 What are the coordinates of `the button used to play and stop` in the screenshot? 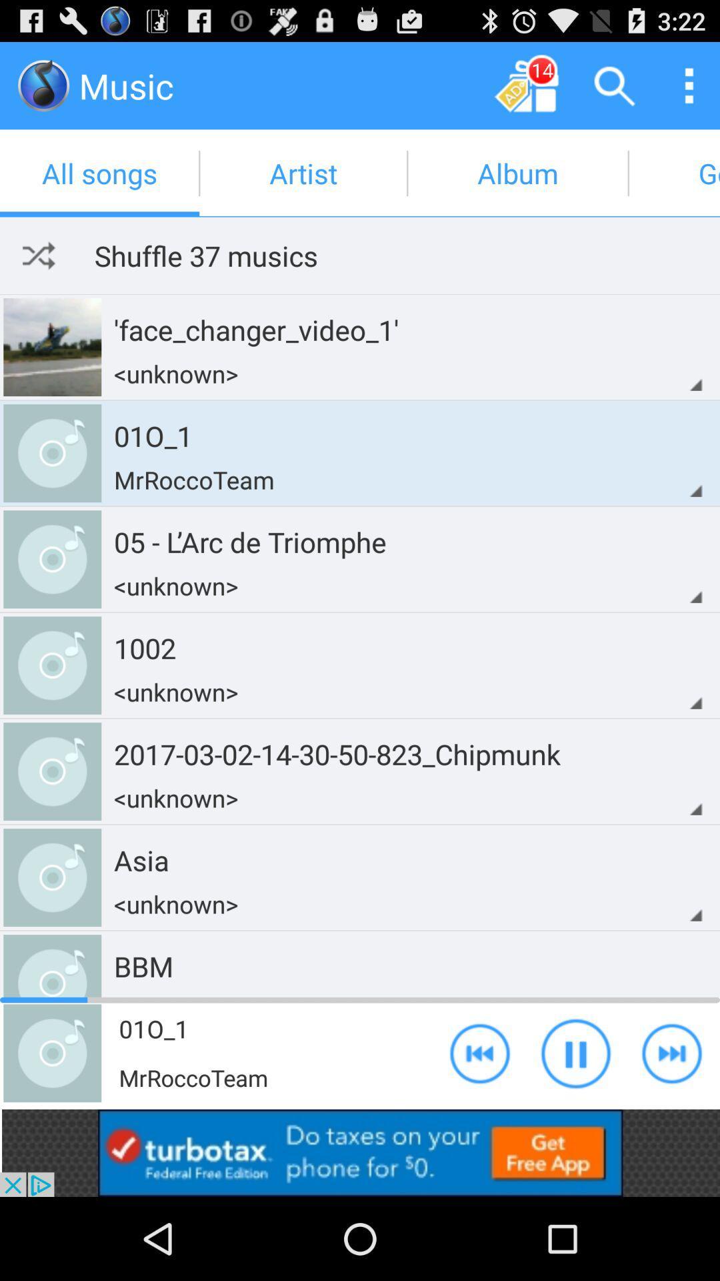 It's located at (575, 1052).